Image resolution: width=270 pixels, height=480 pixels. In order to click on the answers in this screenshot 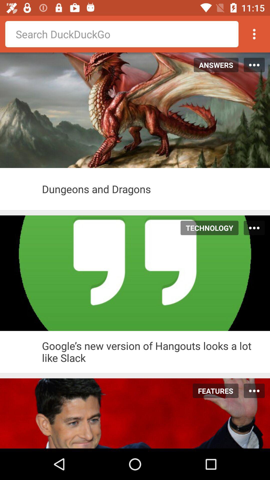, I will do `click(213, 64)`.